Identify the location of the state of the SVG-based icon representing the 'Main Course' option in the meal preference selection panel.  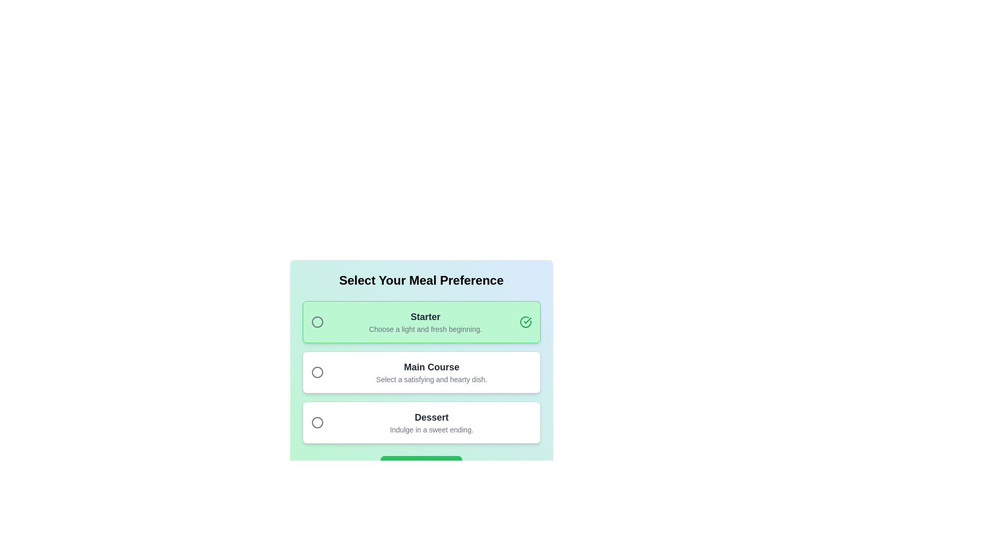
(317, 372).